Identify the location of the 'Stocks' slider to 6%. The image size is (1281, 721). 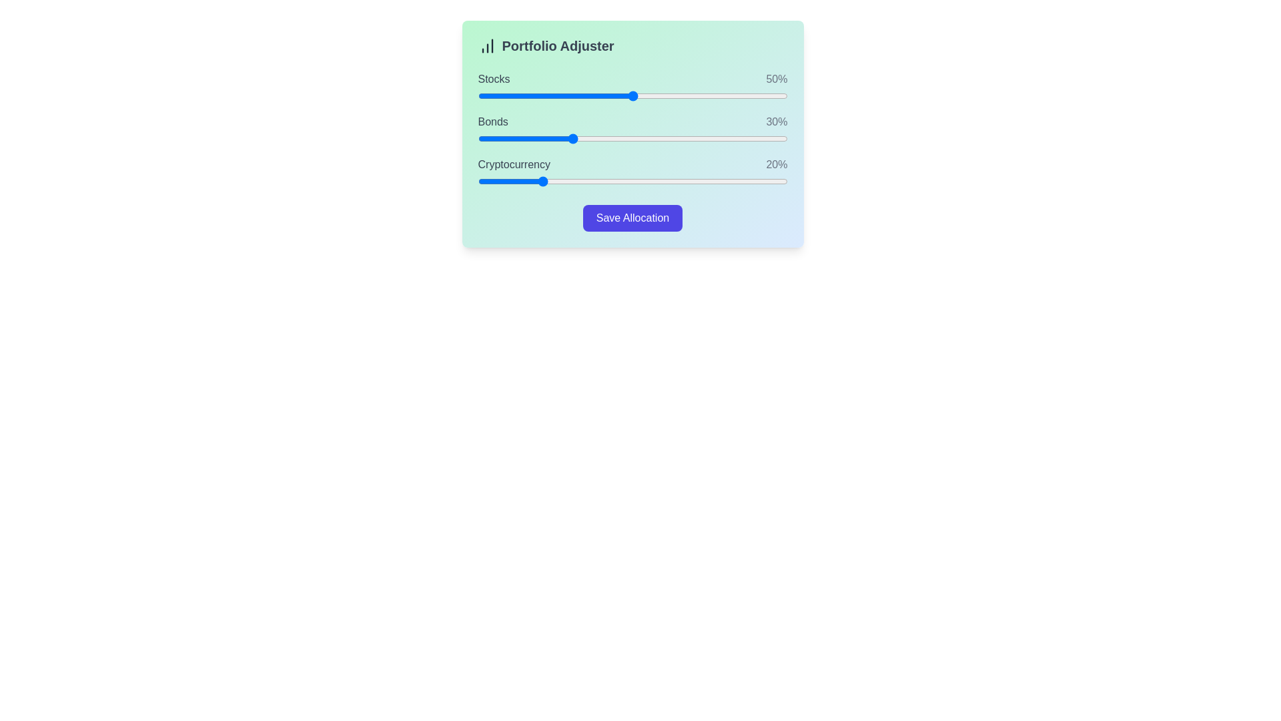
(496, 95).